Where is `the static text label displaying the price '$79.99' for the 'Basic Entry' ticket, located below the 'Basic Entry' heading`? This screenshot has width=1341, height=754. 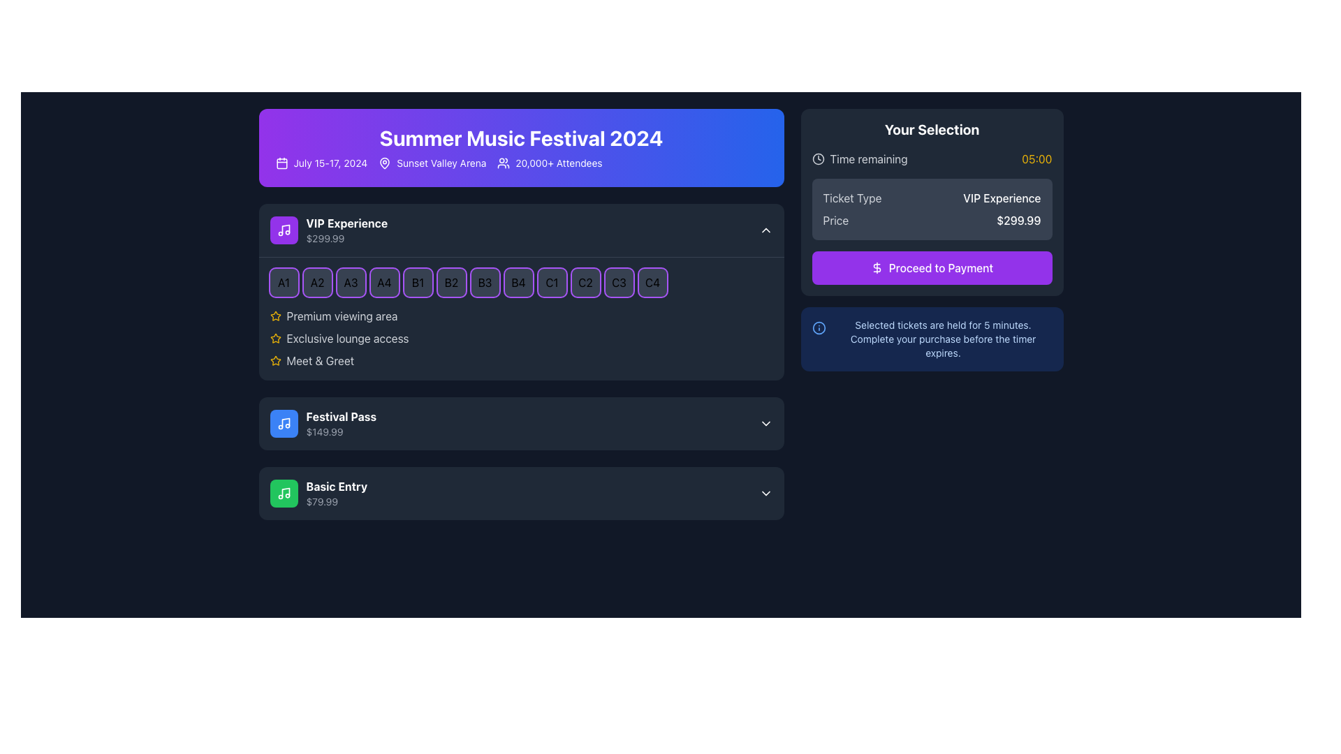 the static text label displaying the price '$79.99' for the 'Basic Entry' ticket, located below the 'Basic Entry' heading is located at coordinates (337, 501).